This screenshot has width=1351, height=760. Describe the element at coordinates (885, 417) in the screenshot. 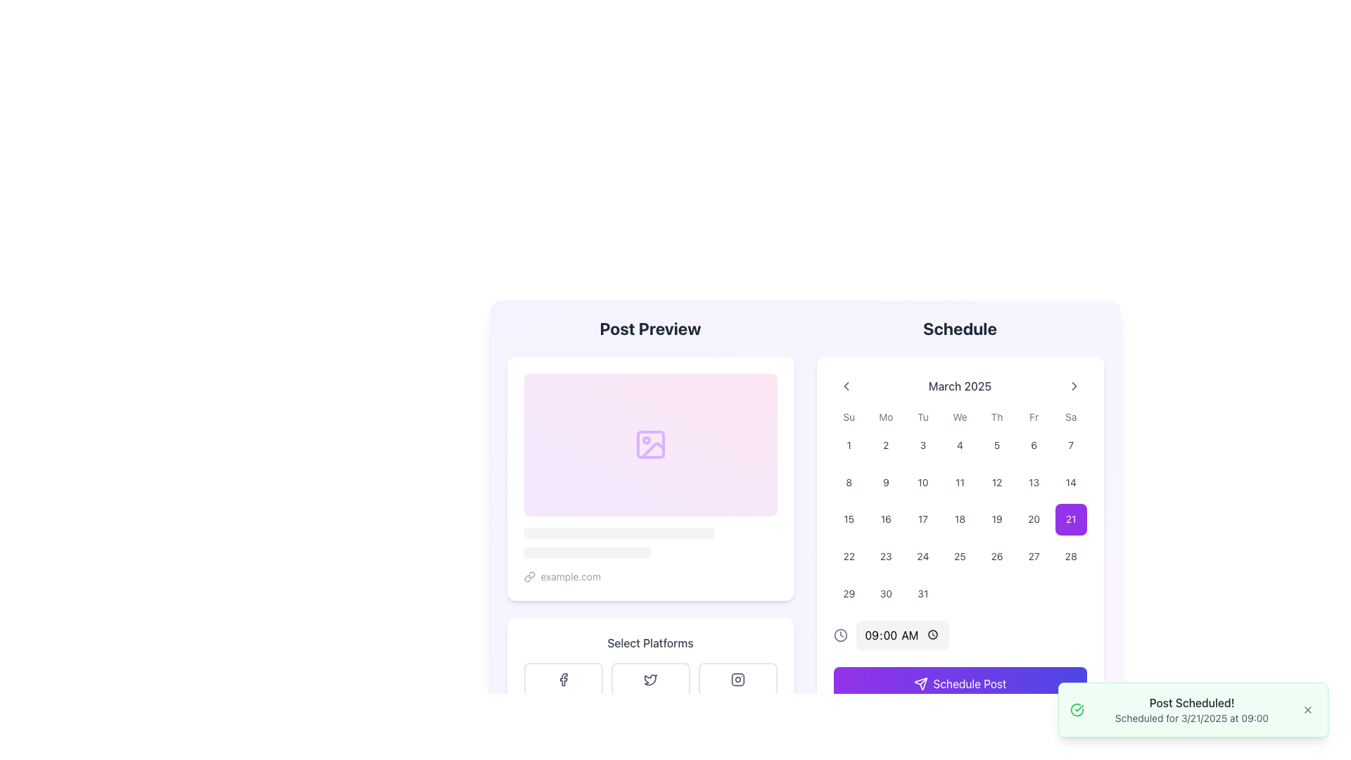

I see `the stylized abbreviation 'Mo' displayed in gray color within the calendar header, located in the second column from the left` at that location.